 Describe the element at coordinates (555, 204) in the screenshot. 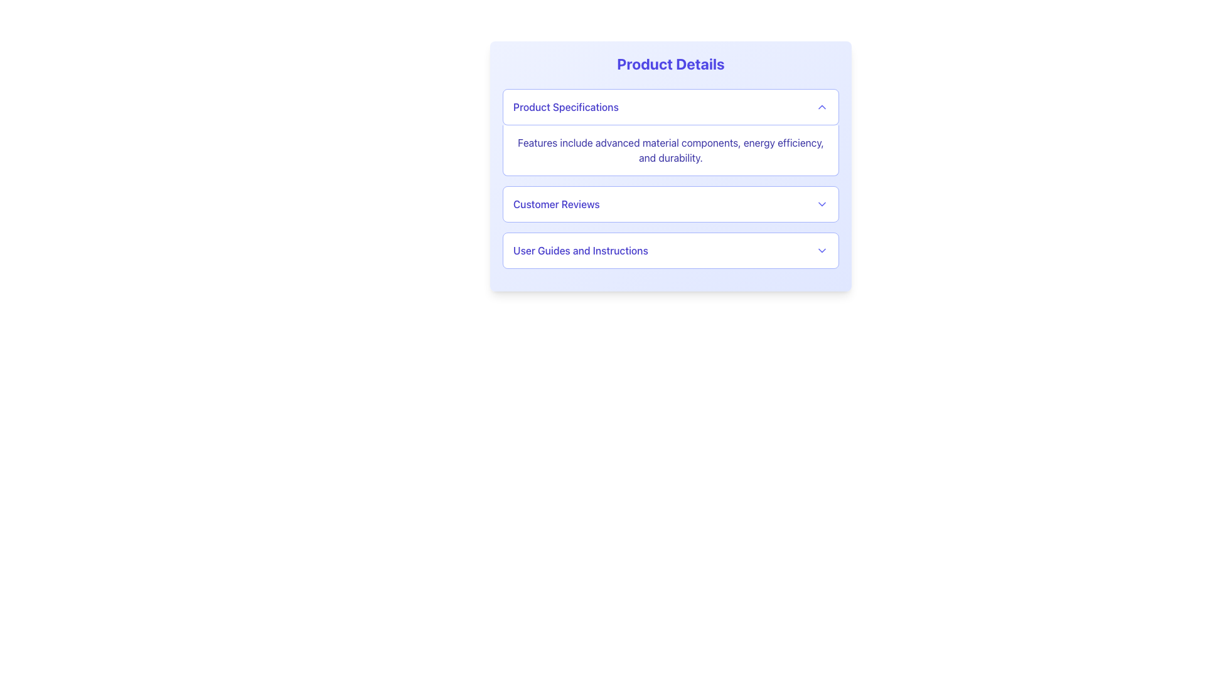

I see `the non-interactive Text label that serves as the title for the reviews section within the dropdown item under 'Product Details'` at that location.